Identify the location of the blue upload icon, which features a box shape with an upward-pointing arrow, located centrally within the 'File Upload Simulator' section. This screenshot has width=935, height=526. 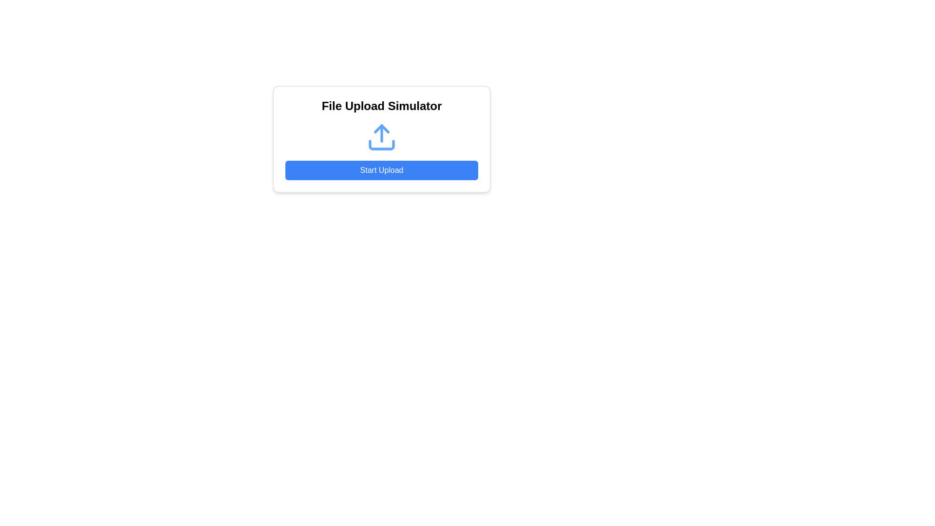
(381, 137).